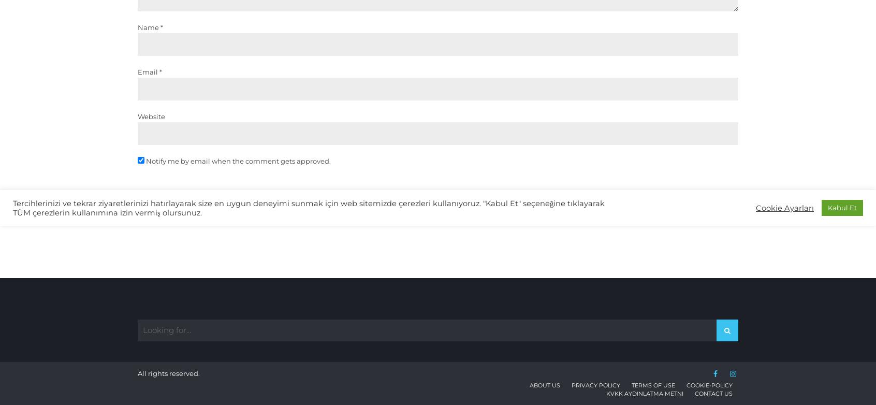 The image size is (876, 405). What do you see at coordinates (785, 208) in the screenshot?
I see `'Cookie Ayarları'` at bounding box center [785, 208].